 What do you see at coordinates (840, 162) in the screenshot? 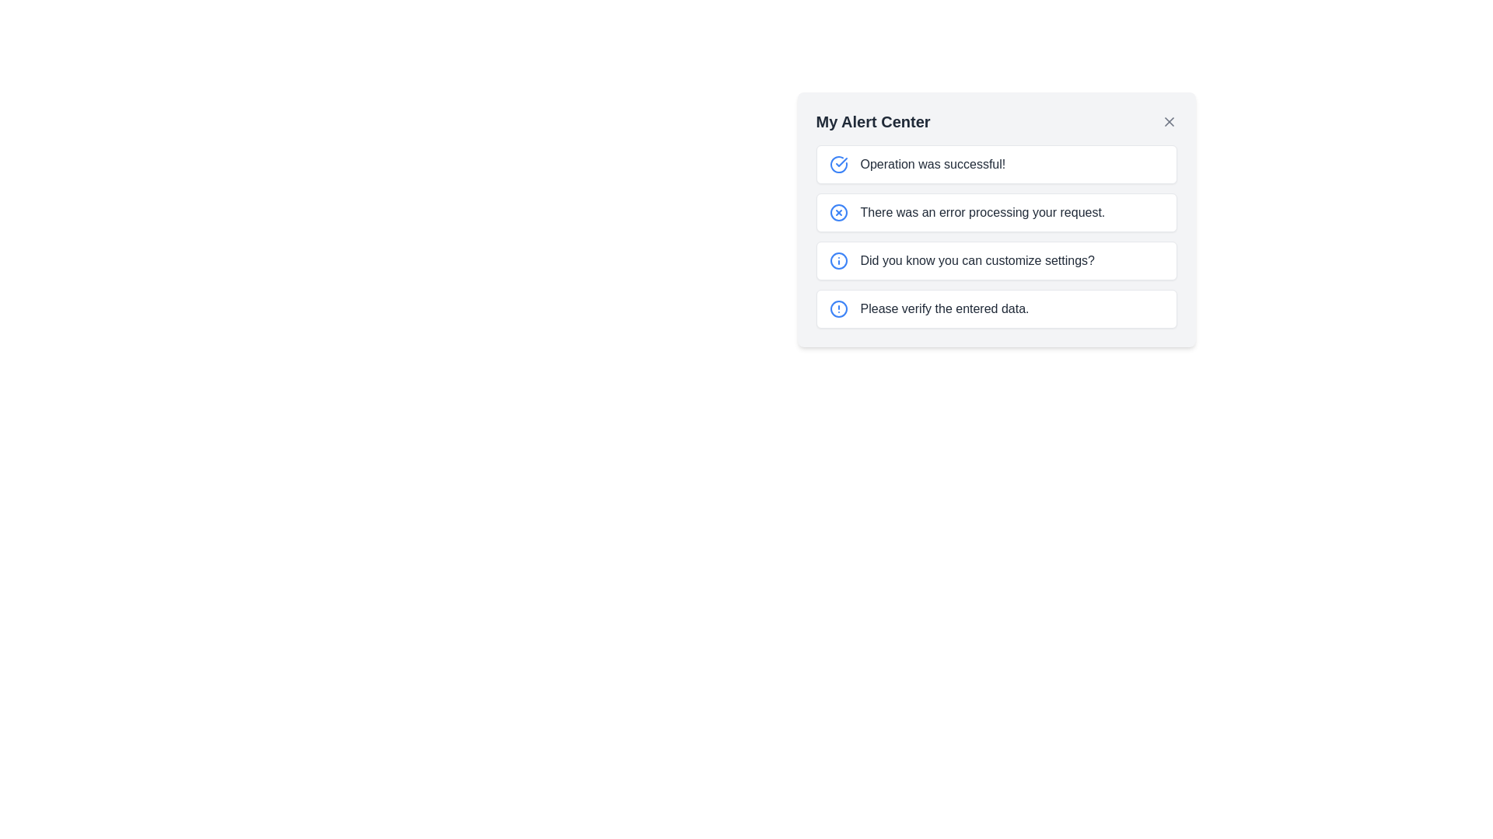
I see `the checkmark icon located in the top-left corner of the alert module, which is part of a larger circular icon with a highlighted border` at bounding box center [840, 162].